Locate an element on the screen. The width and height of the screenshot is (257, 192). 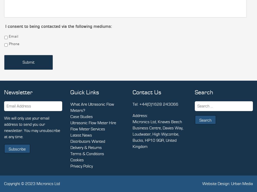
'Latest News' is located at coordinates (81, 135).